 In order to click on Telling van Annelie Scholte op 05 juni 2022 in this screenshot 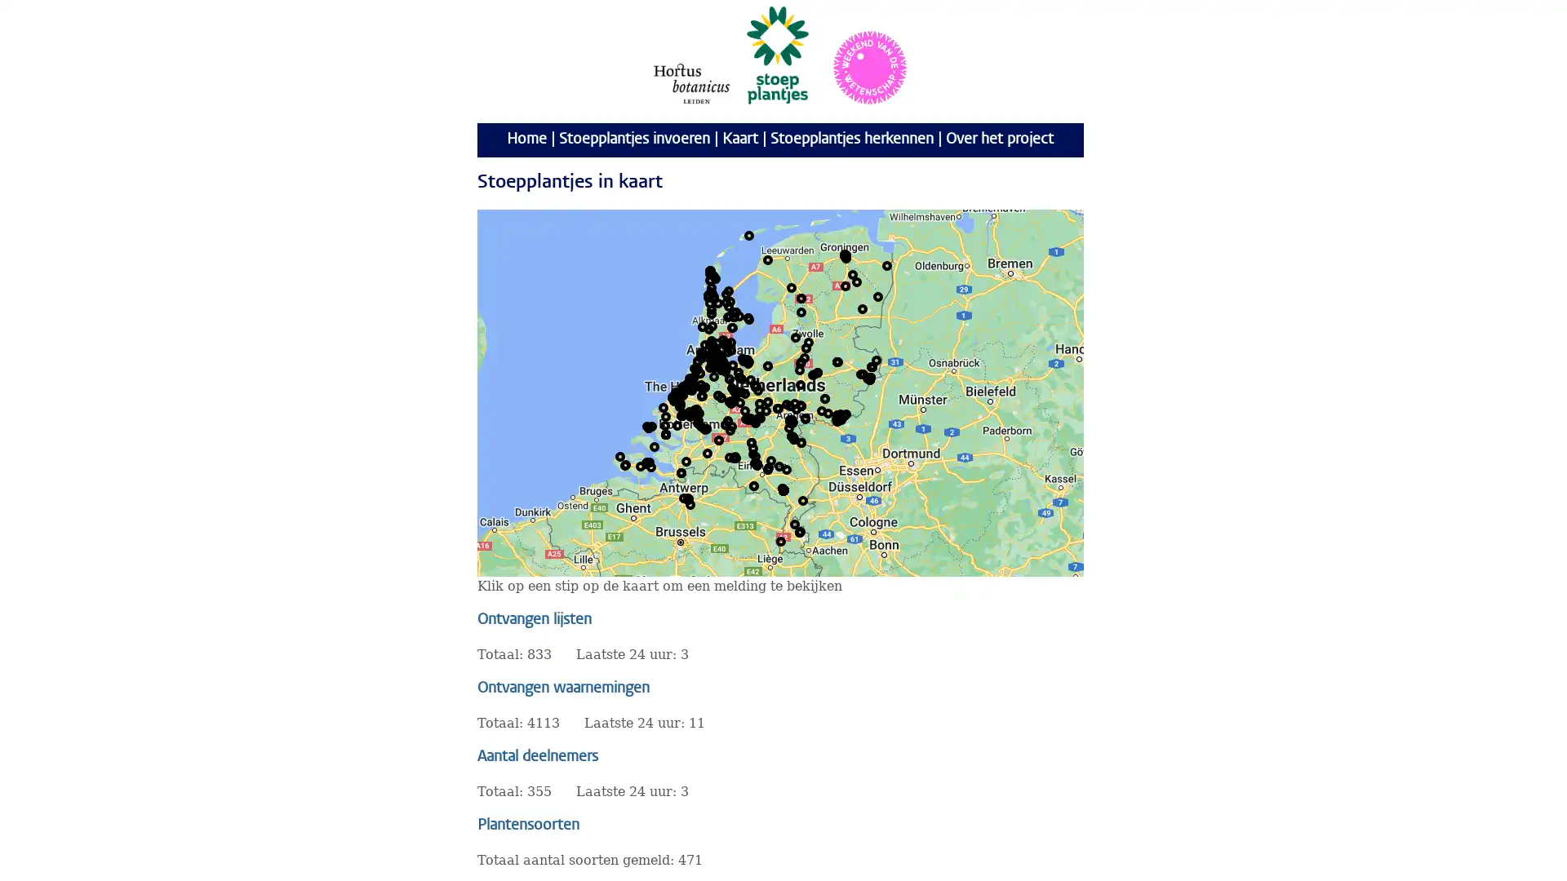, I will do `click(697, 421)`.